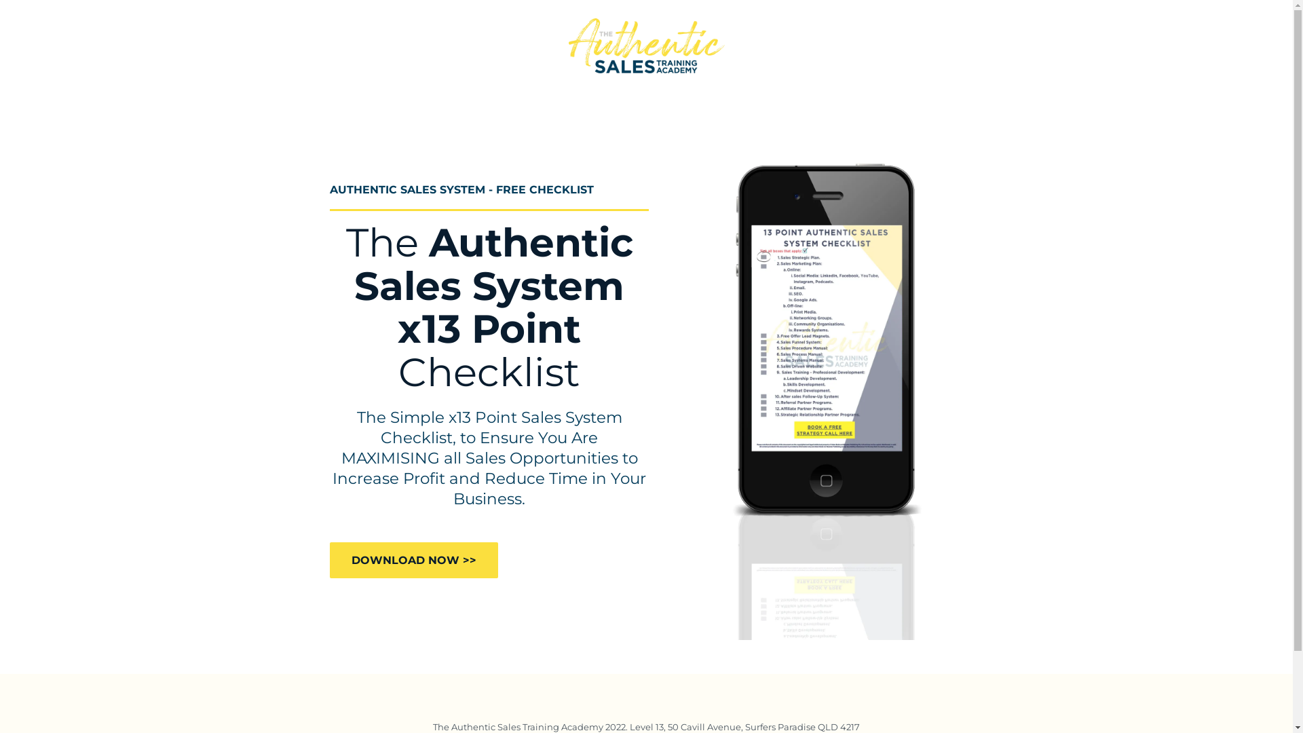 This screenshot has width=1303, height=733. Describe the element at coordinates (413, 560) in the screenshot. I see `'DOWNLOAD NOW >>'` at that location.